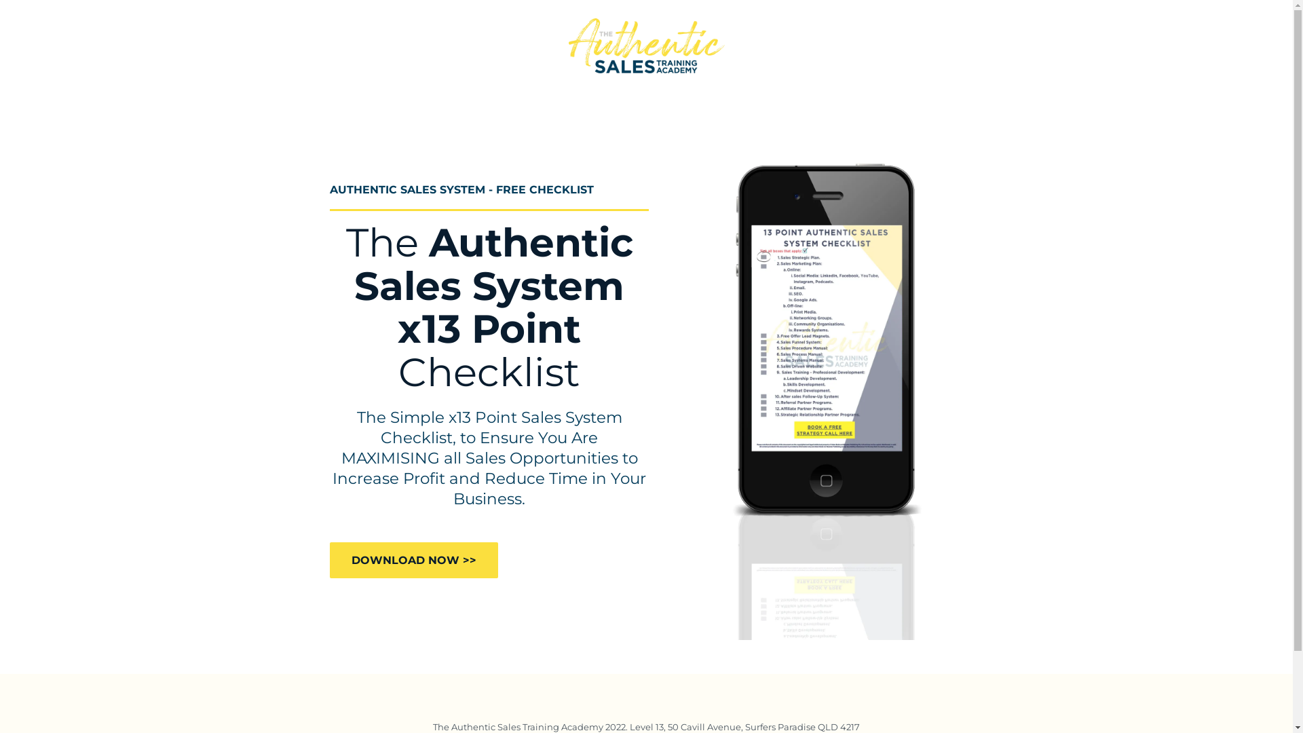 This screenshot has width=1303, height=733. Describe the element at coordinates (413, 560) in the screenshot. I see `'DOWNLOAD NOW >>'` at that location.